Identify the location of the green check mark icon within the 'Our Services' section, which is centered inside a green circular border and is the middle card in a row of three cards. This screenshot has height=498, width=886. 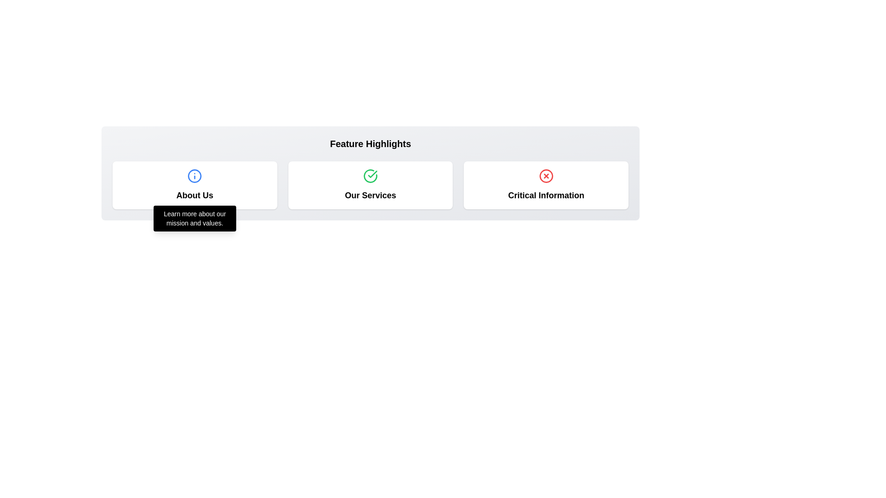
(372, 174).